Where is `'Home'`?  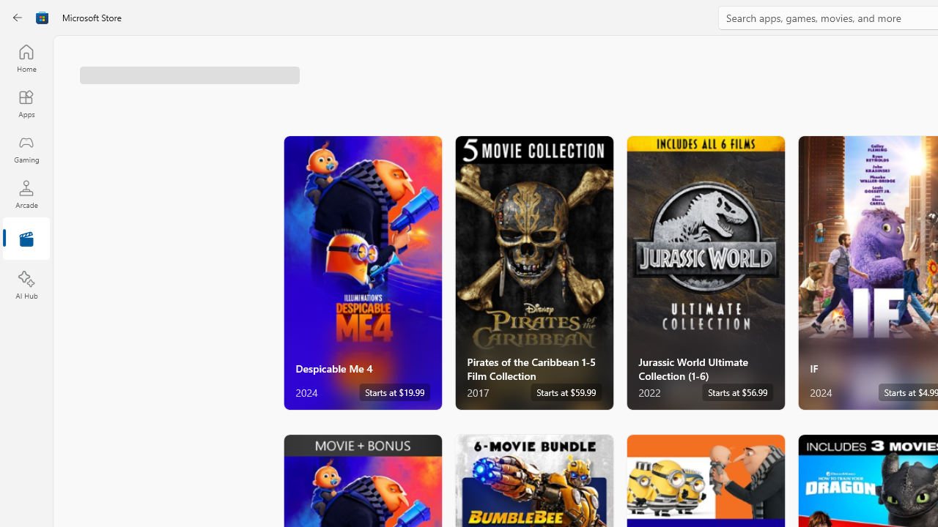
'Home' is located at coordinates (26, 57).